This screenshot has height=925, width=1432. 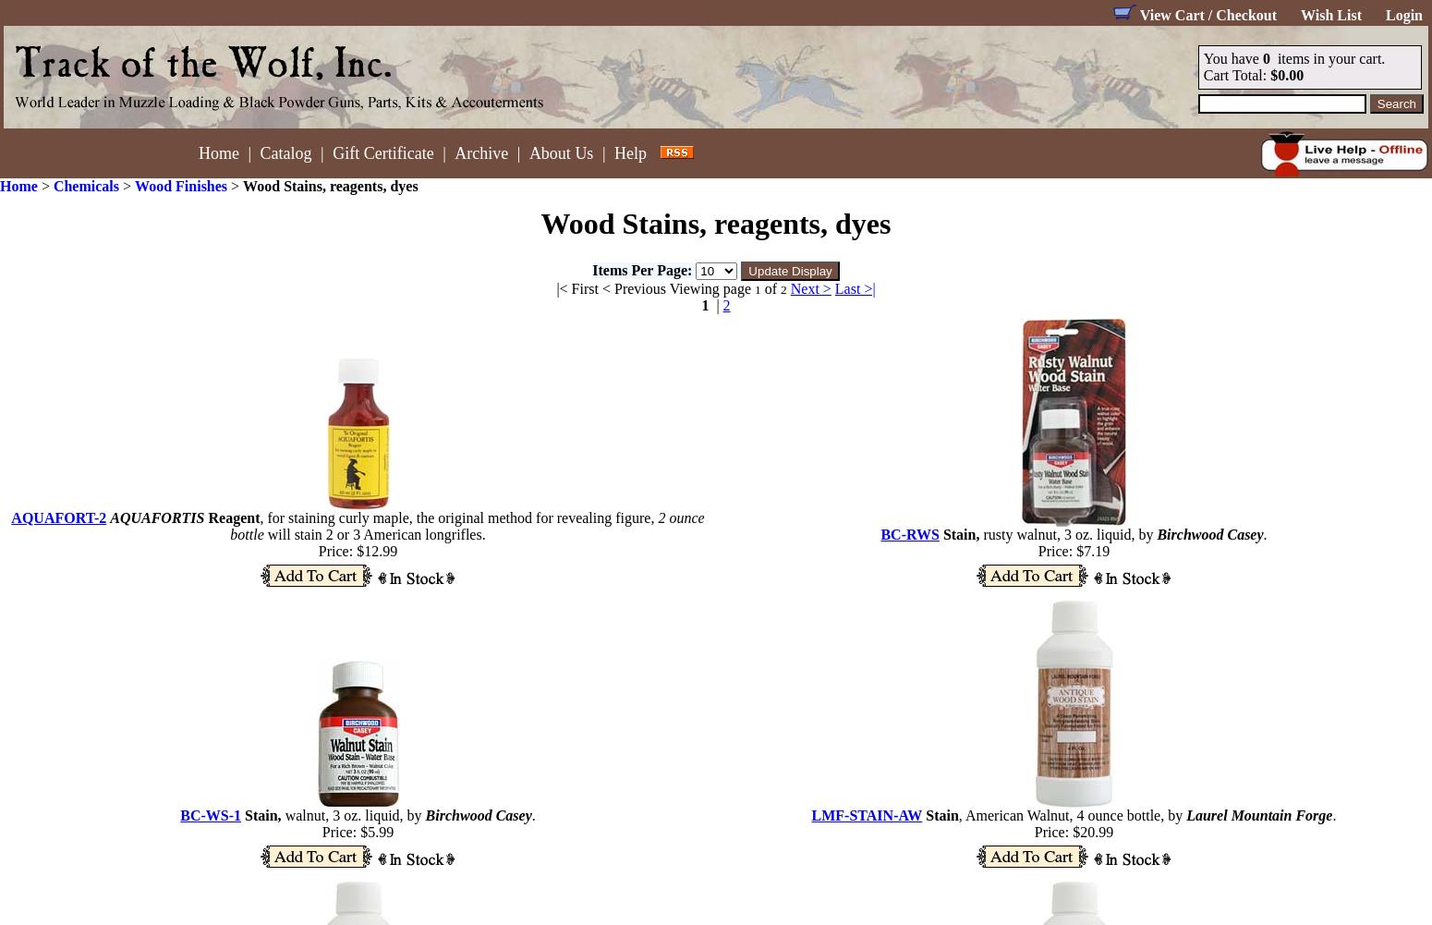 I want to click on 'You have', so click(x=1202, y=58).